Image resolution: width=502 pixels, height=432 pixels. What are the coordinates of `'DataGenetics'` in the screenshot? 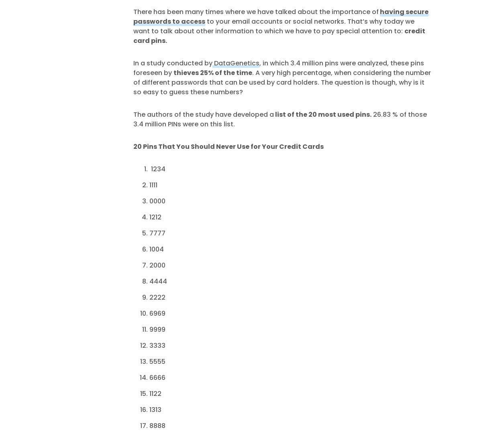 It's located at (235, 63).